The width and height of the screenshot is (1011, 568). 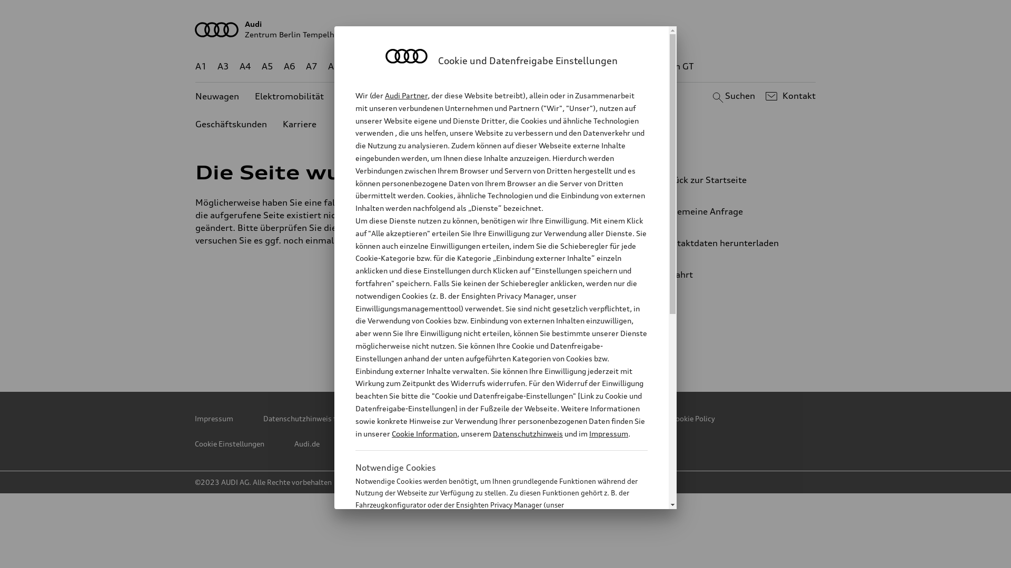 What do you see at coordinates (601, 66) in the screenshot?
I see `'RS'` at bounding box center [601, 66].